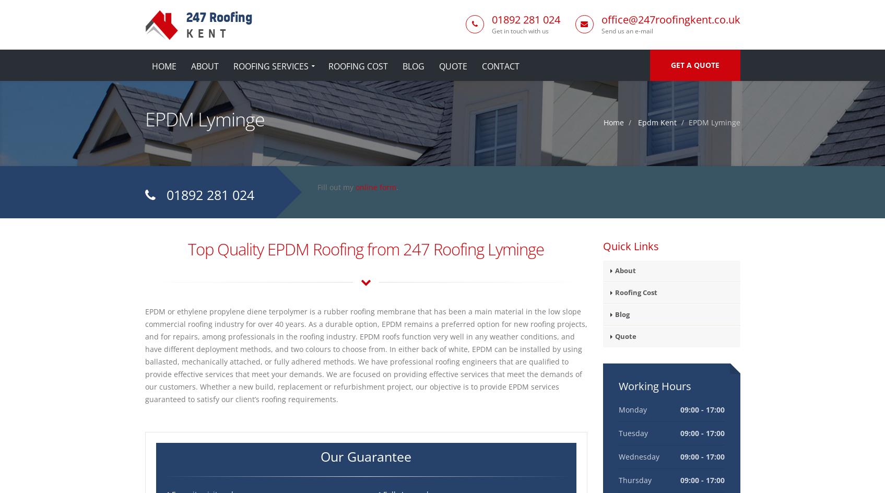  I want to click on 'online form', so click(355, 187).